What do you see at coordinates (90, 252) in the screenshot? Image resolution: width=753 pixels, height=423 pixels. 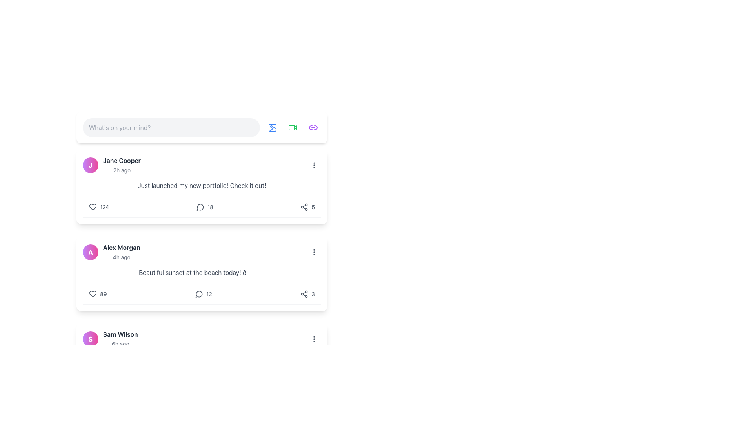 I see `the circular avatar with a gradient background transitioning from purple to pink, containing the letter 'A' in bold white font, located in the second post card of the feed section adjacent to the username 'Alex Morgan'` at bounding box center [90, 252].